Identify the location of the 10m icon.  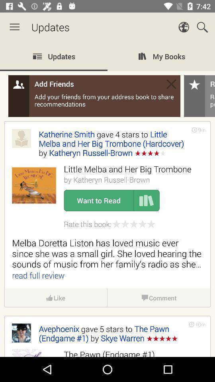
(200, 324).